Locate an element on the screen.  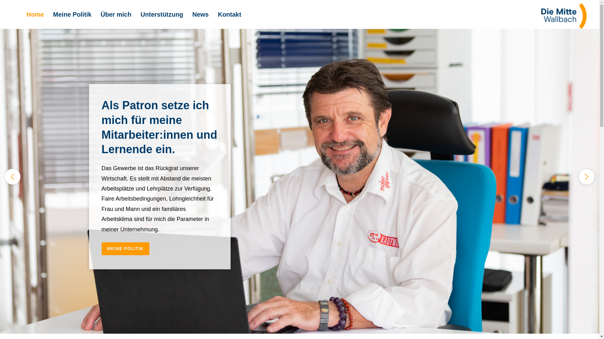
'News' is located at coordinates (200, 14).